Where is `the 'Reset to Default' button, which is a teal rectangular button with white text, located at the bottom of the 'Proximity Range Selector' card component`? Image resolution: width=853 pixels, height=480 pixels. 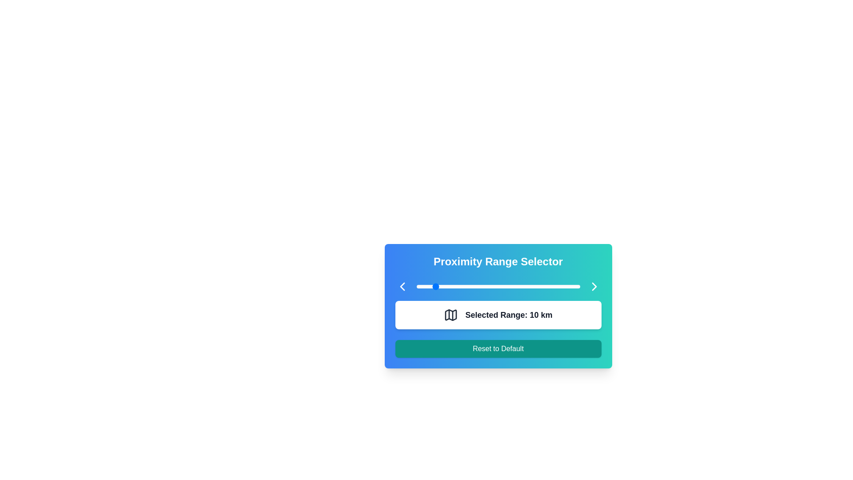 the 'Reset to Default' button, which is a teal rectangular button with white text, located at the bottom of the 'Proximity Range Selector' card component is located at coordinates (498, 348).